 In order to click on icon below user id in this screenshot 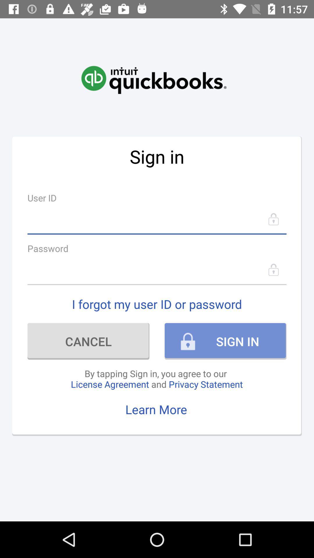, I will do `click(157, 219)`.